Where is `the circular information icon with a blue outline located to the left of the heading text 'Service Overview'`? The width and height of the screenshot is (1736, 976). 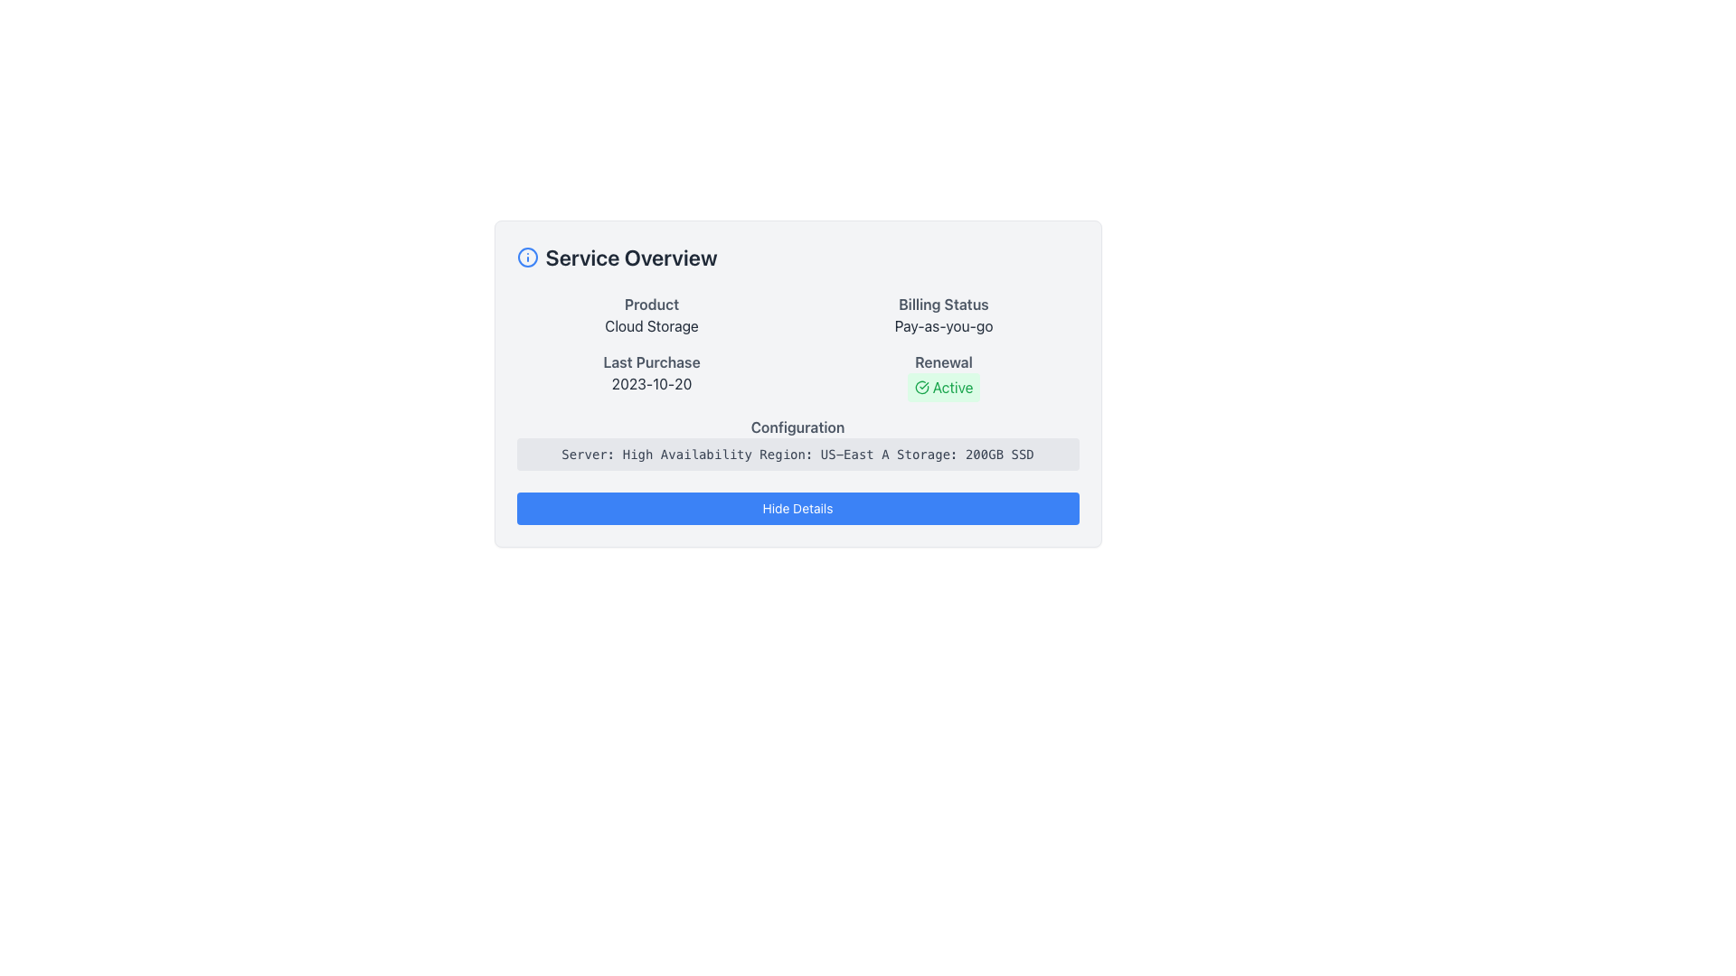 the circular information icon with a blue outline located to the left of the heading text 'Service Overview' is located at coordinates (526, 258).